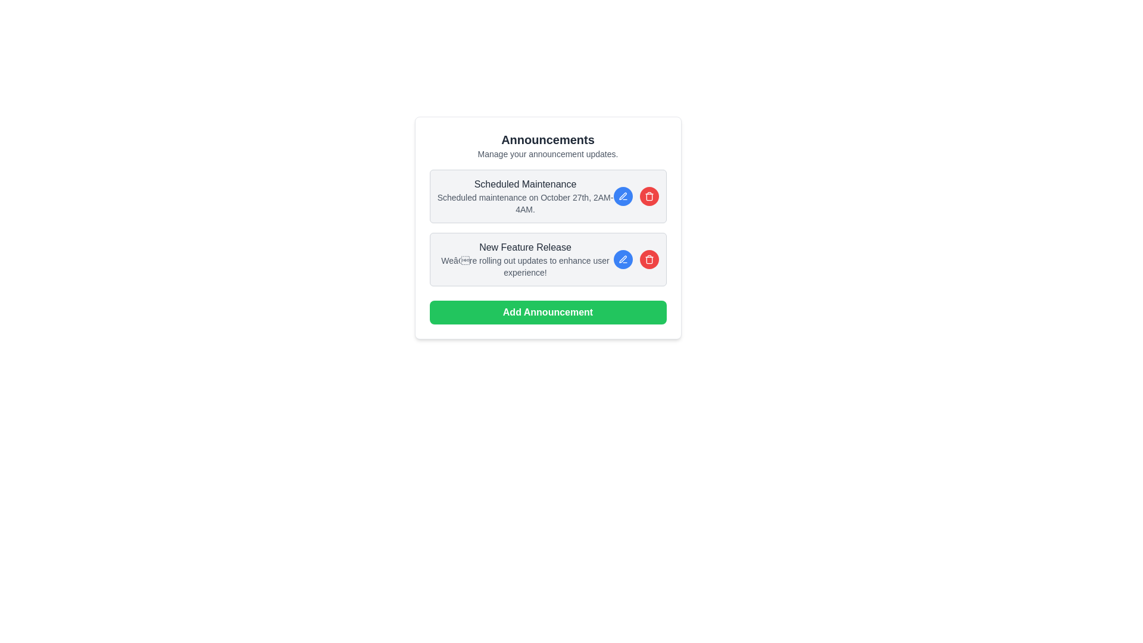 This screenshot has width=1143, height=643. What do you see at coordinates (622, 258) in the screenshot?
I see `the blue circular edit icon with a white pen-line glyph, located to the right of the 'New Feature Release' announcement` at bounding box center [622, 258].